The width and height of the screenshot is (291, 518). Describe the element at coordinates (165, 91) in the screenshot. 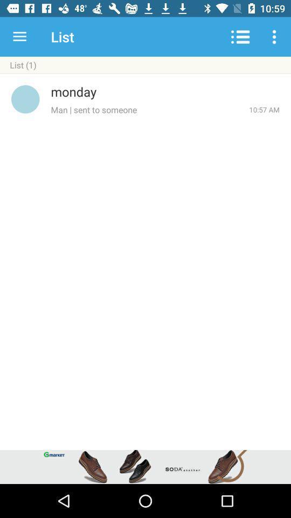

I see `monday item` at that location.